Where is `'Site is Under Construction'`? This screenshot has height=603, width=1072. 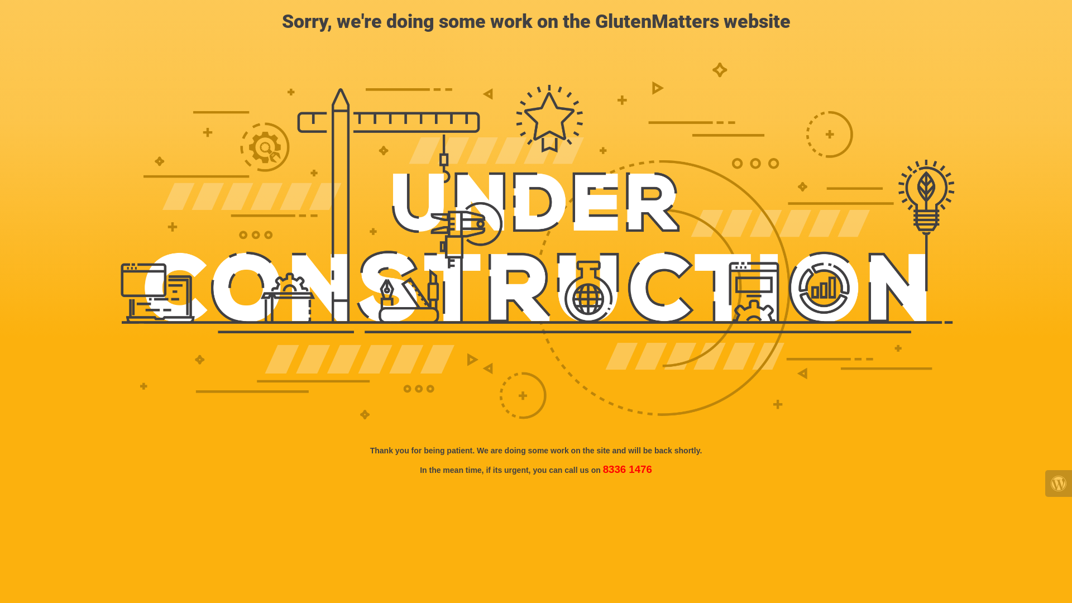
'Site is Under Construction' is located at coordinates (536, 241).